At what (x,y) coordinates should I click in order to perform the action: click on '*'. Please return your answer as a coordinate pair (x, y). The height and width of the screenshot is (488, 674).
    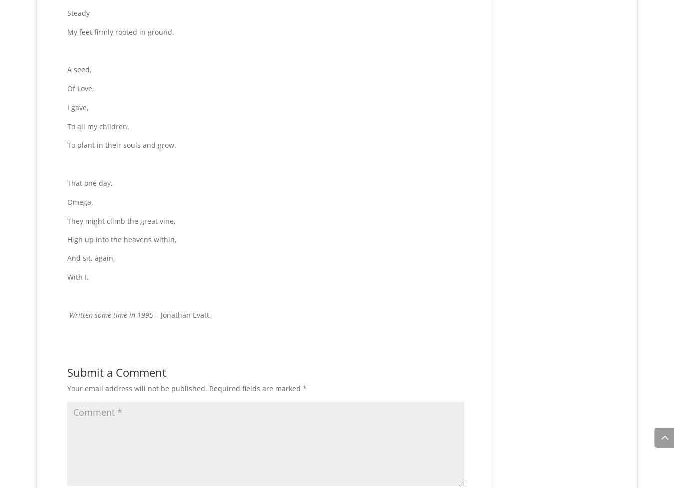
    Looking at the image, I should click on (305, 388).